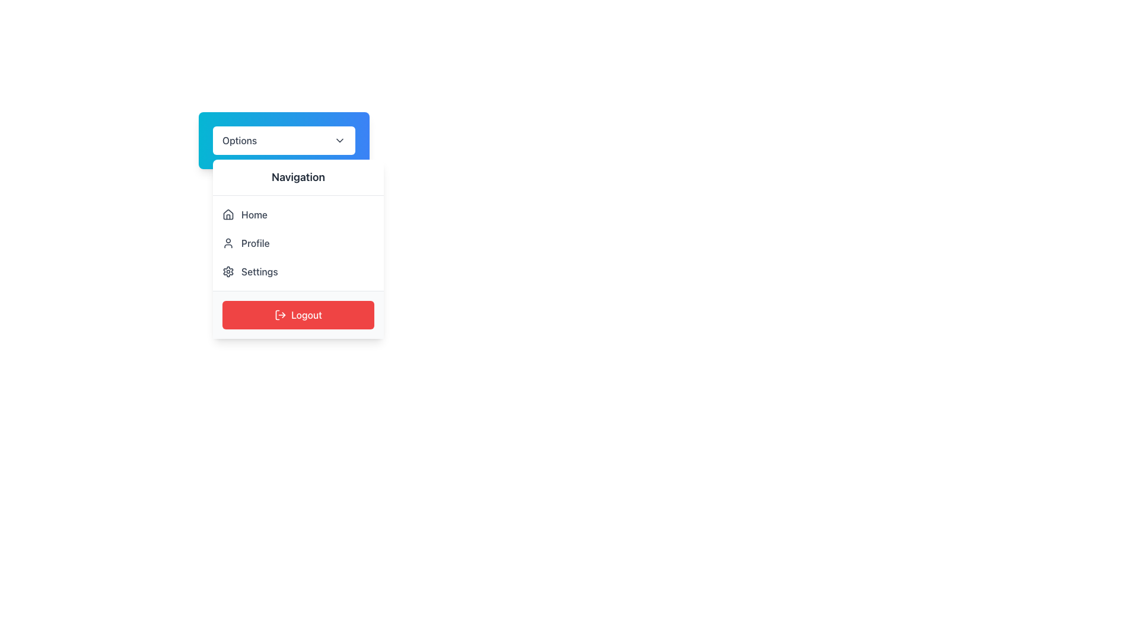 Image resolution: width=1139 pixels, height=641 pixels. What do you see at coordinates (339, 139) in the screenshot?
I see `the downward-facing chevron icon on the far right of the 'Options' button` at bounding box center [339, 139].